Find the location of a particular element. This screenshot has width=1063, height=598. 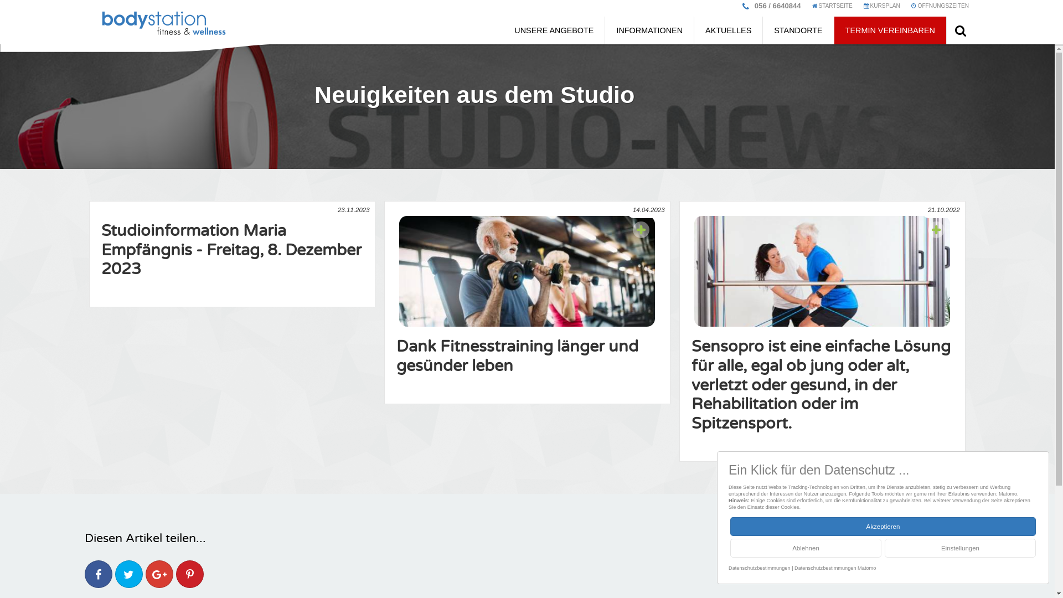

'INFORMATIONEN' is located at coordinates (649, 29).